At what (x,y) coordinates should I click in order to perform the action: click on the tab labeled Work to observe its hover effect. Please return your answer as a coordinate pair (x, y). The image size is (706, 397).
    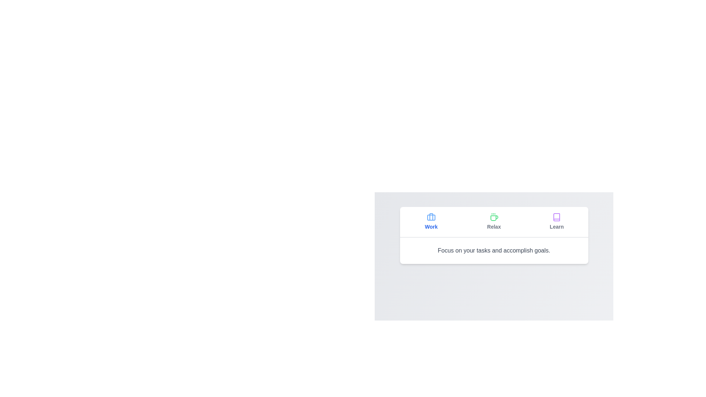
    Looking at the image, I should click on (431, 222).